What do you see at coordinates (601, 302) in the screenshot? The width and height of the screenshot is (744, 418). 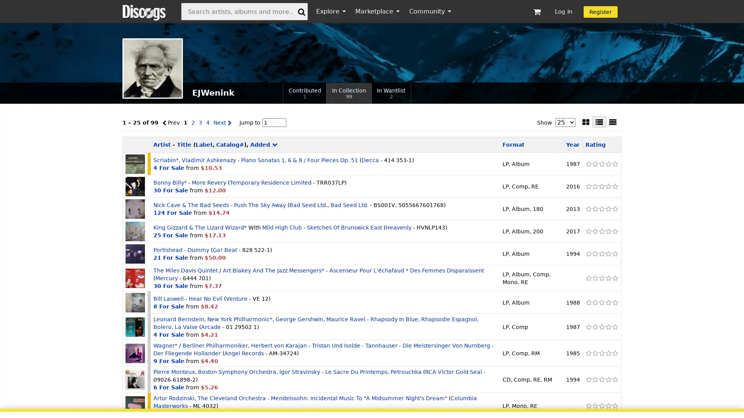 I see `Rate this release 3 stars.` at bounding box center [601, 302].